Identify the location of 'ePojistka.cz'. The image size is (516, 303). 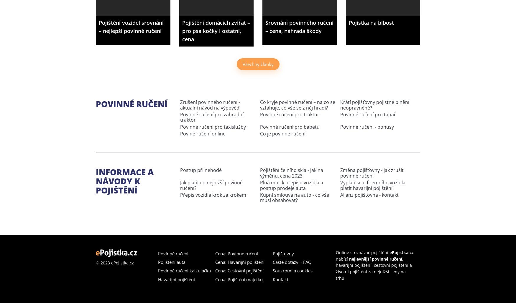
(401, 252).